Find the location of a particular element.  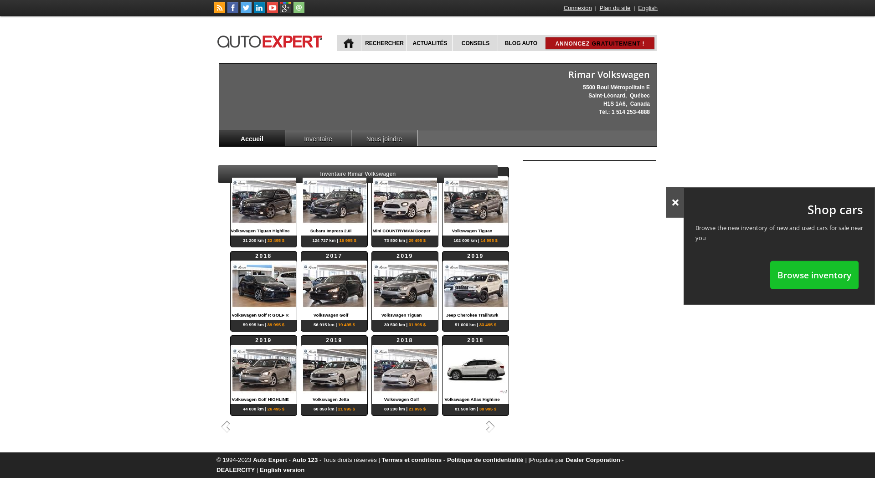

'Connexion' is located at coordinates (562, 8).